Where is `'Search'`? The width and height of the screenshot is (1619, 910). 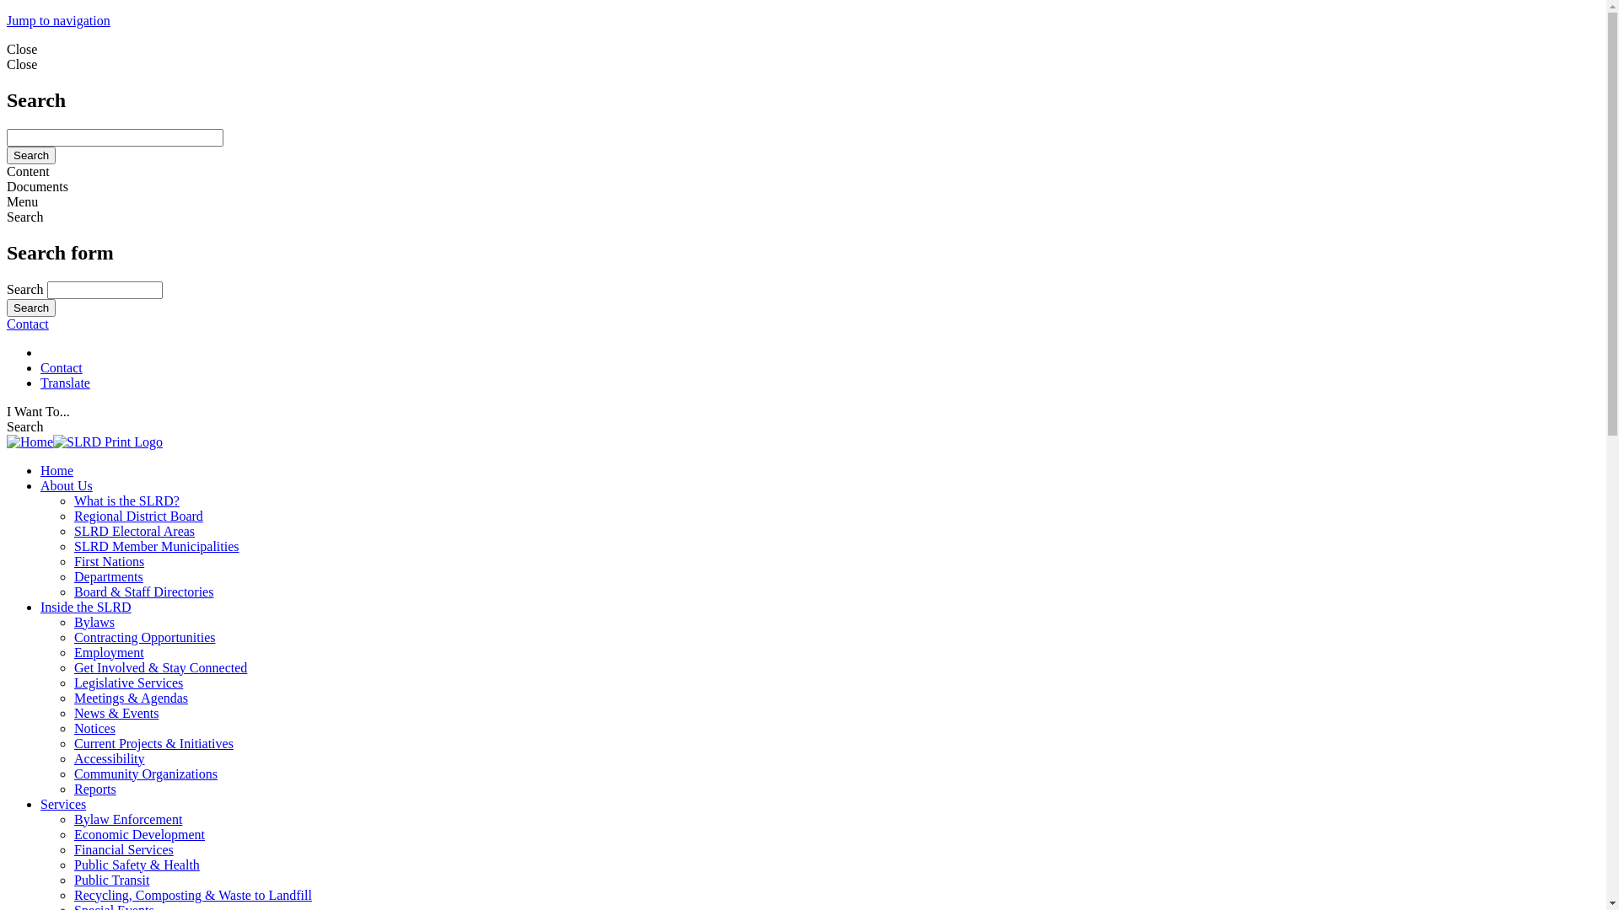
'Search' is located at coordinates (31, 155).